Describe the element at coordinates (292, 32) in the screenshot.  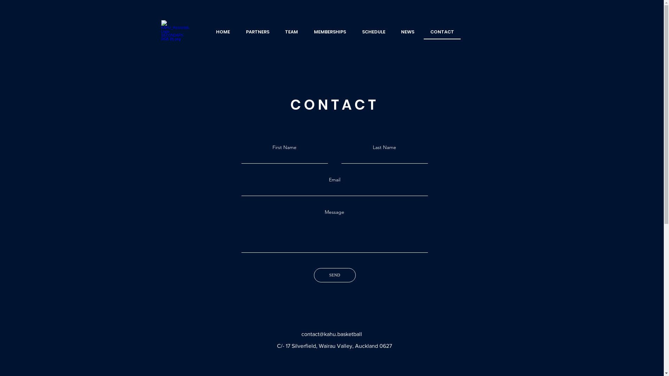
I see `'TEAM'` at that location.